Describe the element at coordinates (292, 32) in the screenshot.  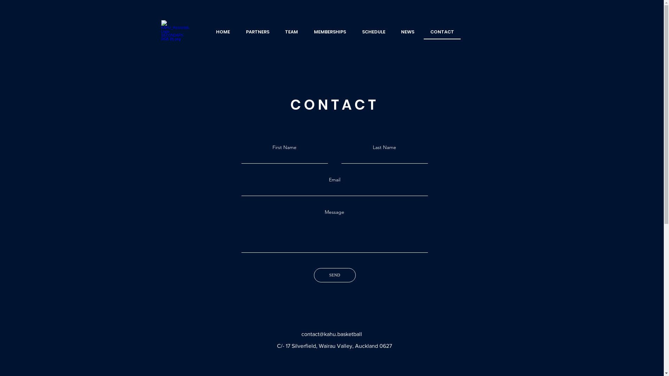
I see `'TEAM'` at that location.